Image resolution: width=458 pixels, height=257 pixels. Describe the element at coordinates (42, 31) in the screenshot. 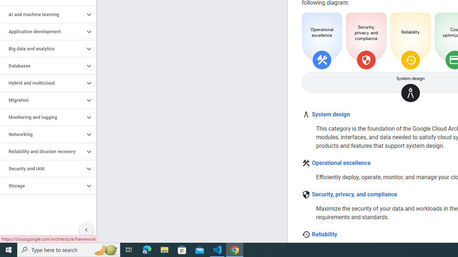

I see `'Application development'` at that location.